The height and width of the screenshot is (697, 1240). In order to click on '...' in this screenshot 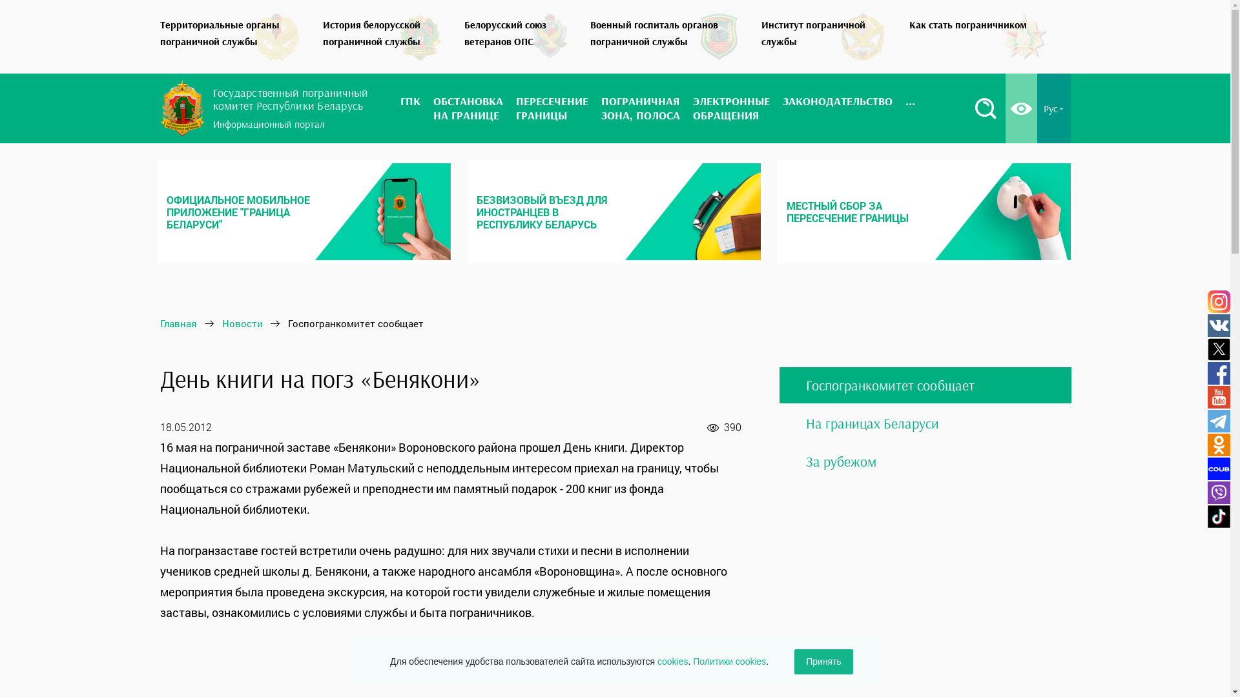, I will do `click(909, 108)`.